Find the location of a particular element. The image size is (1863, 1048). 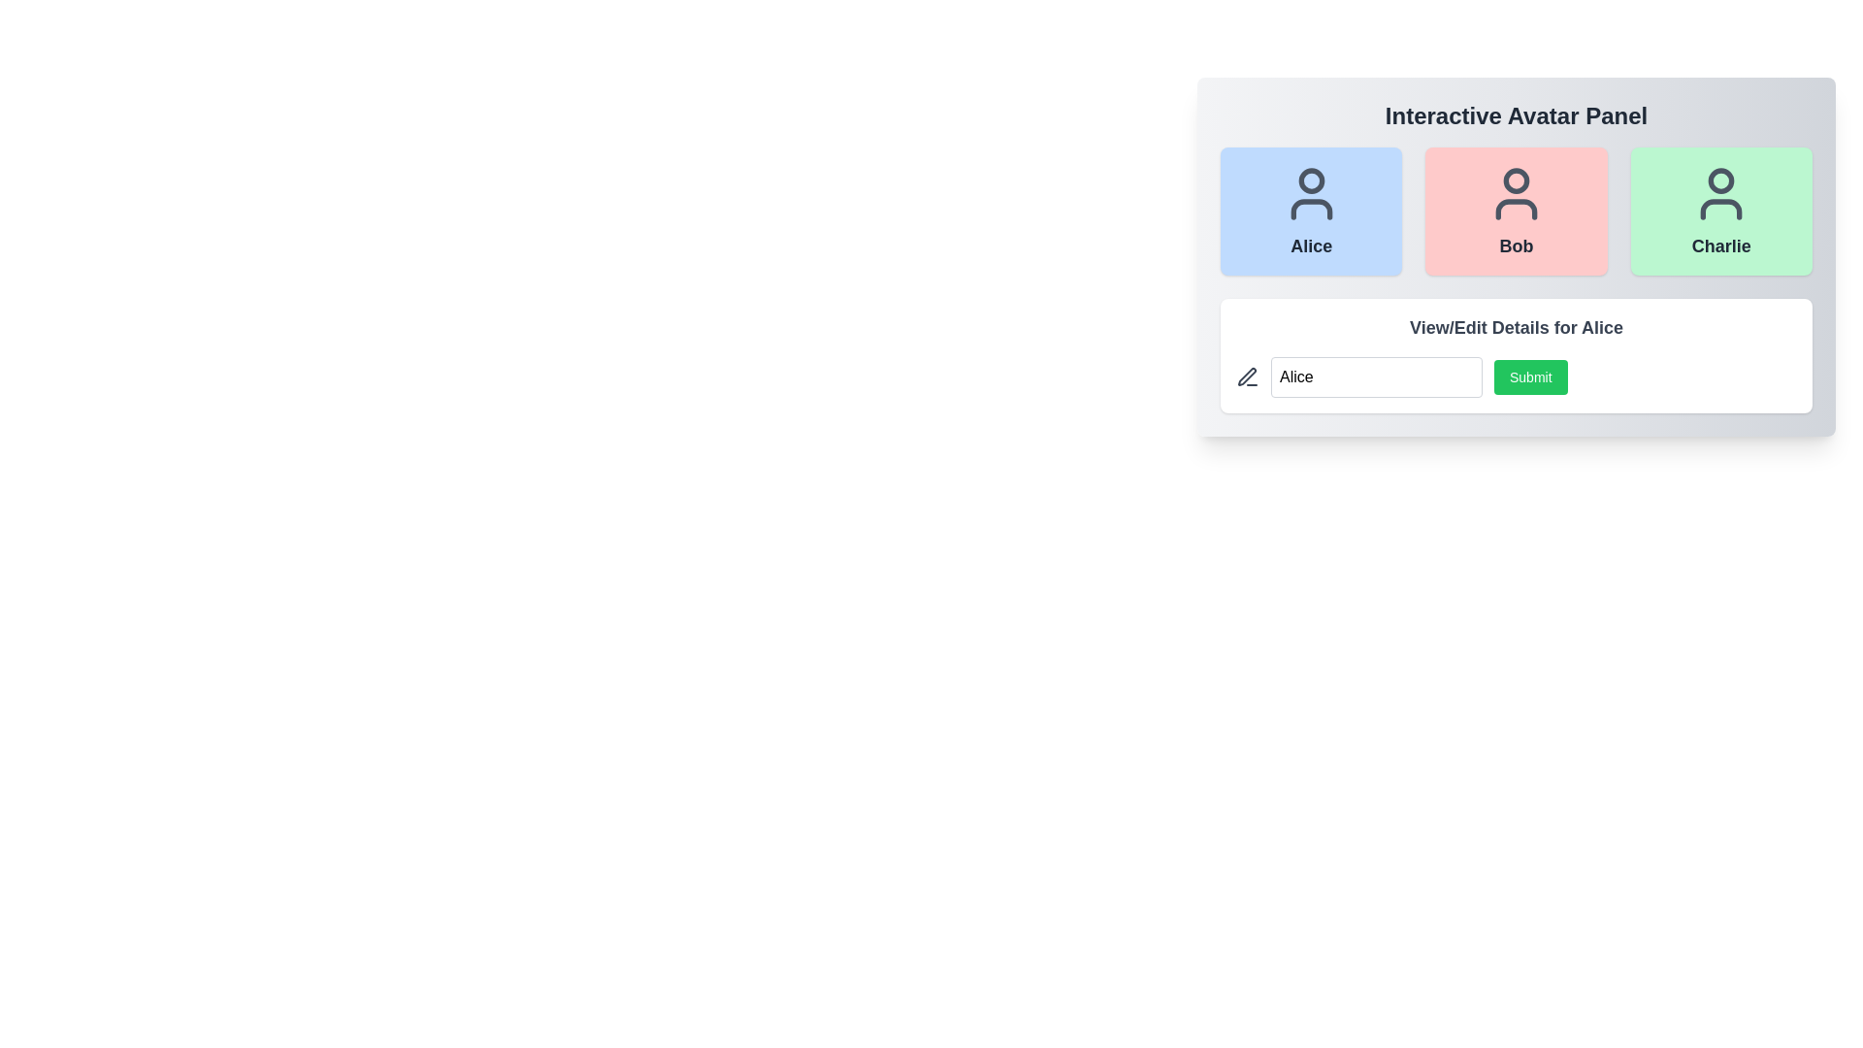

the SVG circle element that visually emphasizes the head region of the avatar labeled 'Alice' in the 'Interactive Avatar Panel', located at the top-center of the avatar is located at coordinates (1311, 180).